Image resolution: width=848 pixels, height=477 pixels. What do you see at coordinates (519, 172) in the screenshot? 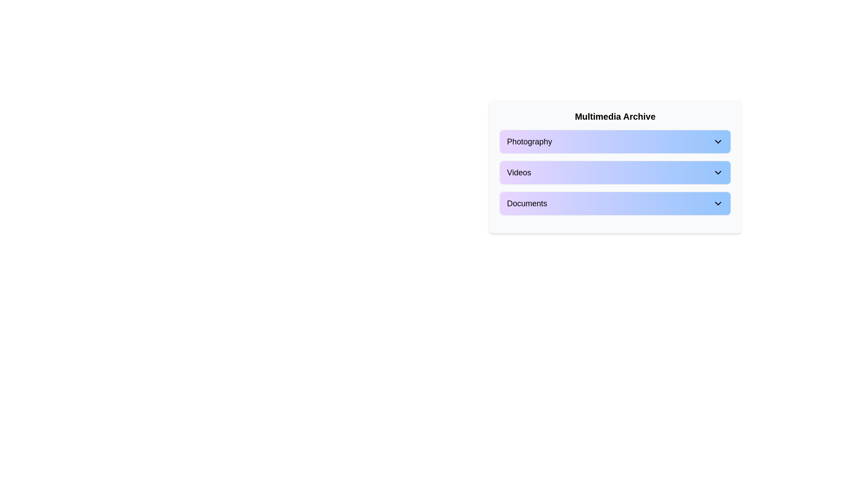
I see `text content of the 'Videos' label, which is located in the 'Multimedia Archive' menu between 'Photography' and 'Documents'` at bounding box center [519, 172].